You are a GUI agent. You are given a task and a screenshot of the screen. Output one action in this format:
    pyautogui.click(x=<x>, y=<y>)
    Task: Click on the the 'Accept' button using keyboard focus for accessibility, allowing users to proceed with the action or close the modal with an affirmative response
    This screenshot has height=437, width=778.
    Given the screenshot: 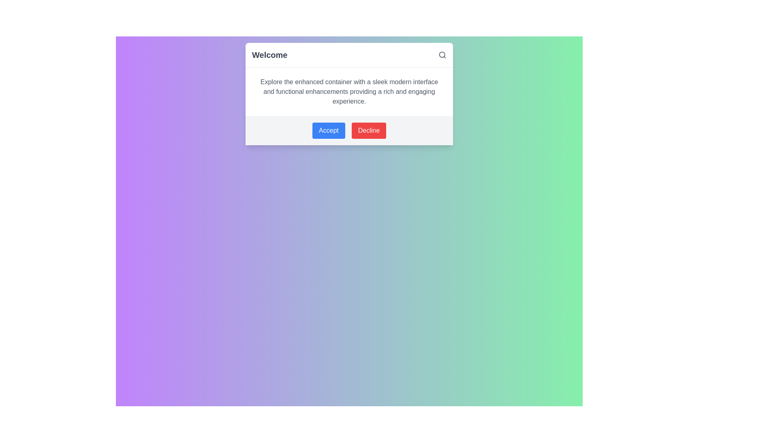 What is the action you would take?
    pyautogui.click(x=329, y=130)
    